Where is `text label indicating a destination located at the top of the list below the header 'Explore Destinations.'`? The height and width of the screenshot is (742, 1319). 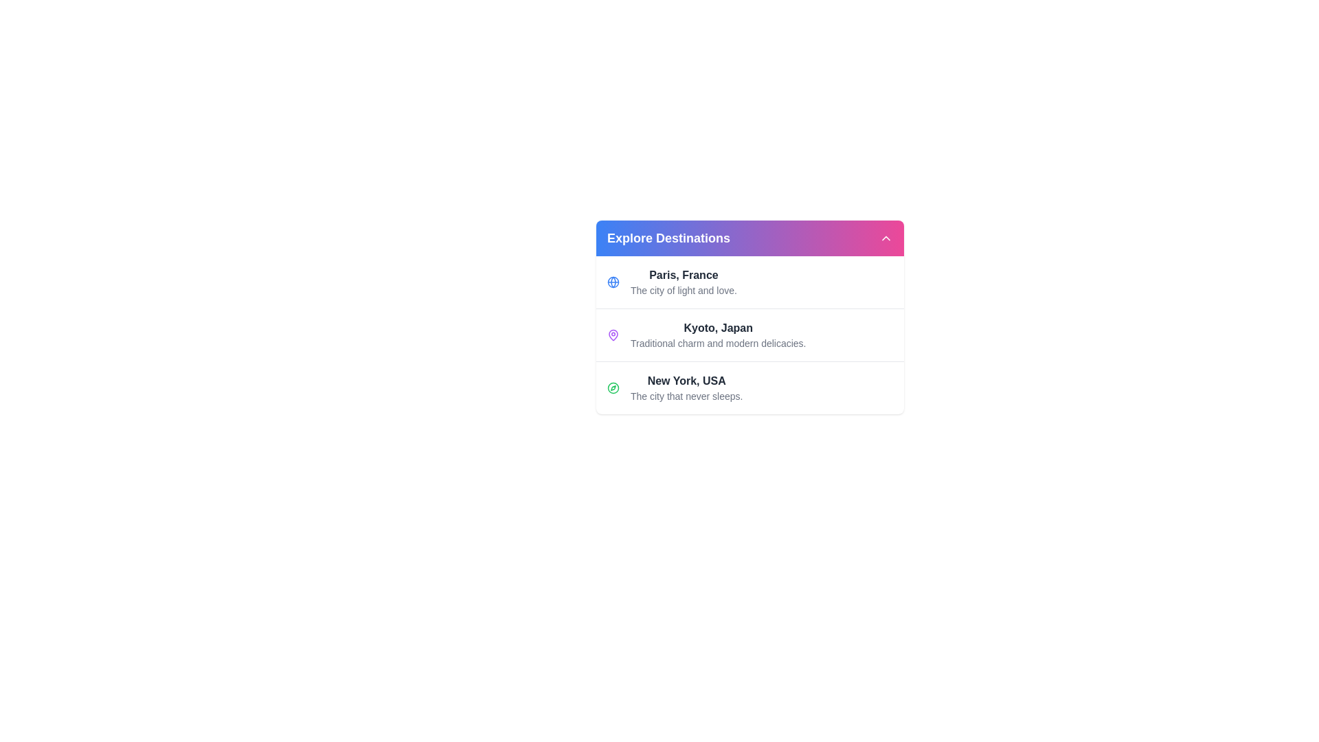
text label indicating a destination located at the top of the list below the header 'Explore Destinations.' is located at coordinates (684, 276).